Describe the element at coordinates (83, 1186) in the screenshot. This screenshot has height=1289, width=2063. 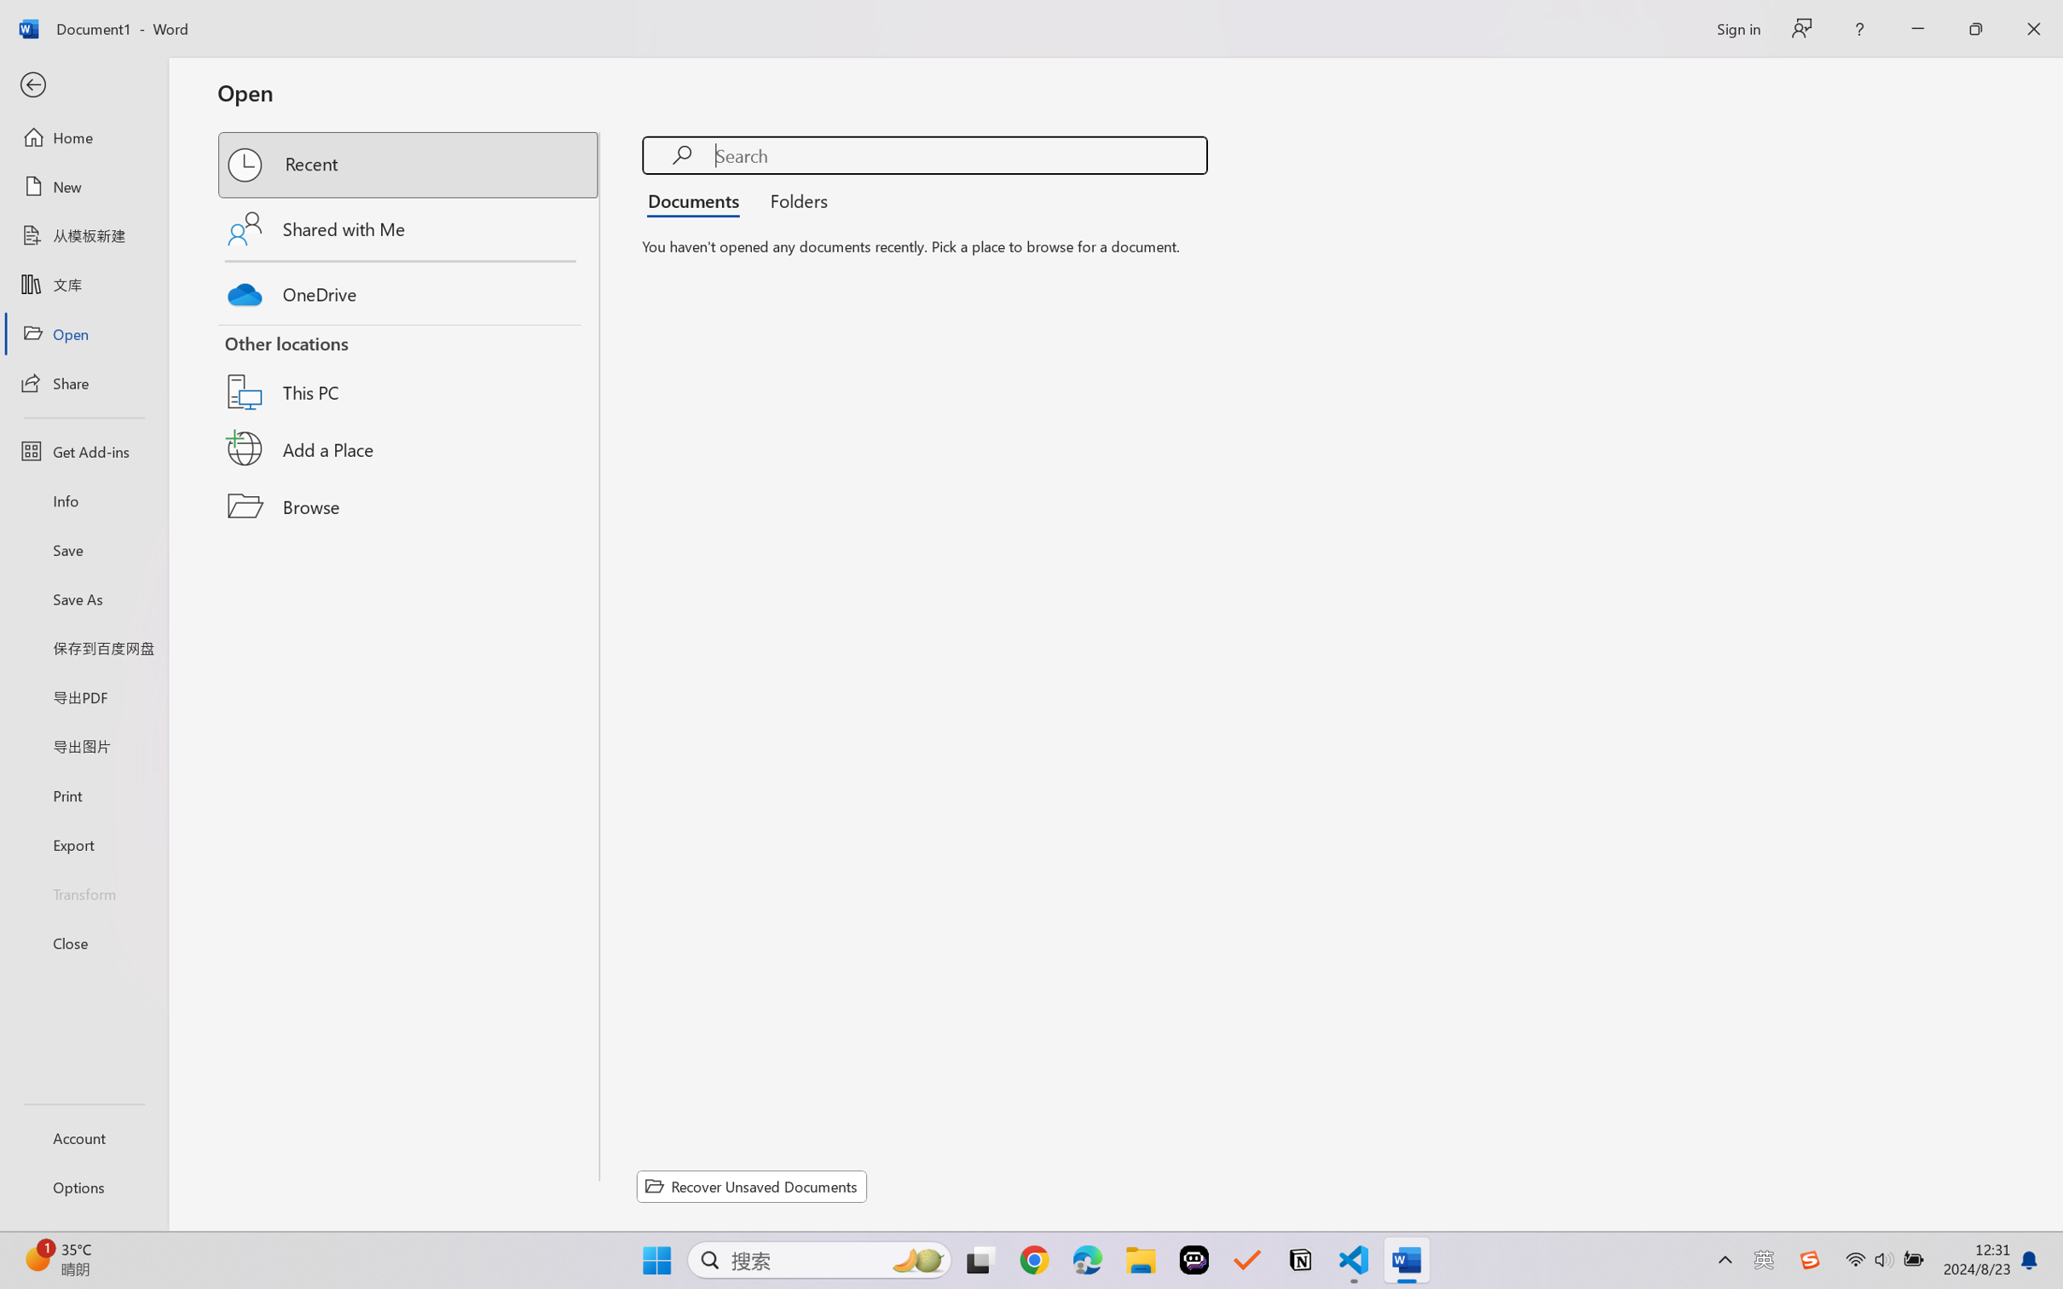
I see `'Options'` at that location.